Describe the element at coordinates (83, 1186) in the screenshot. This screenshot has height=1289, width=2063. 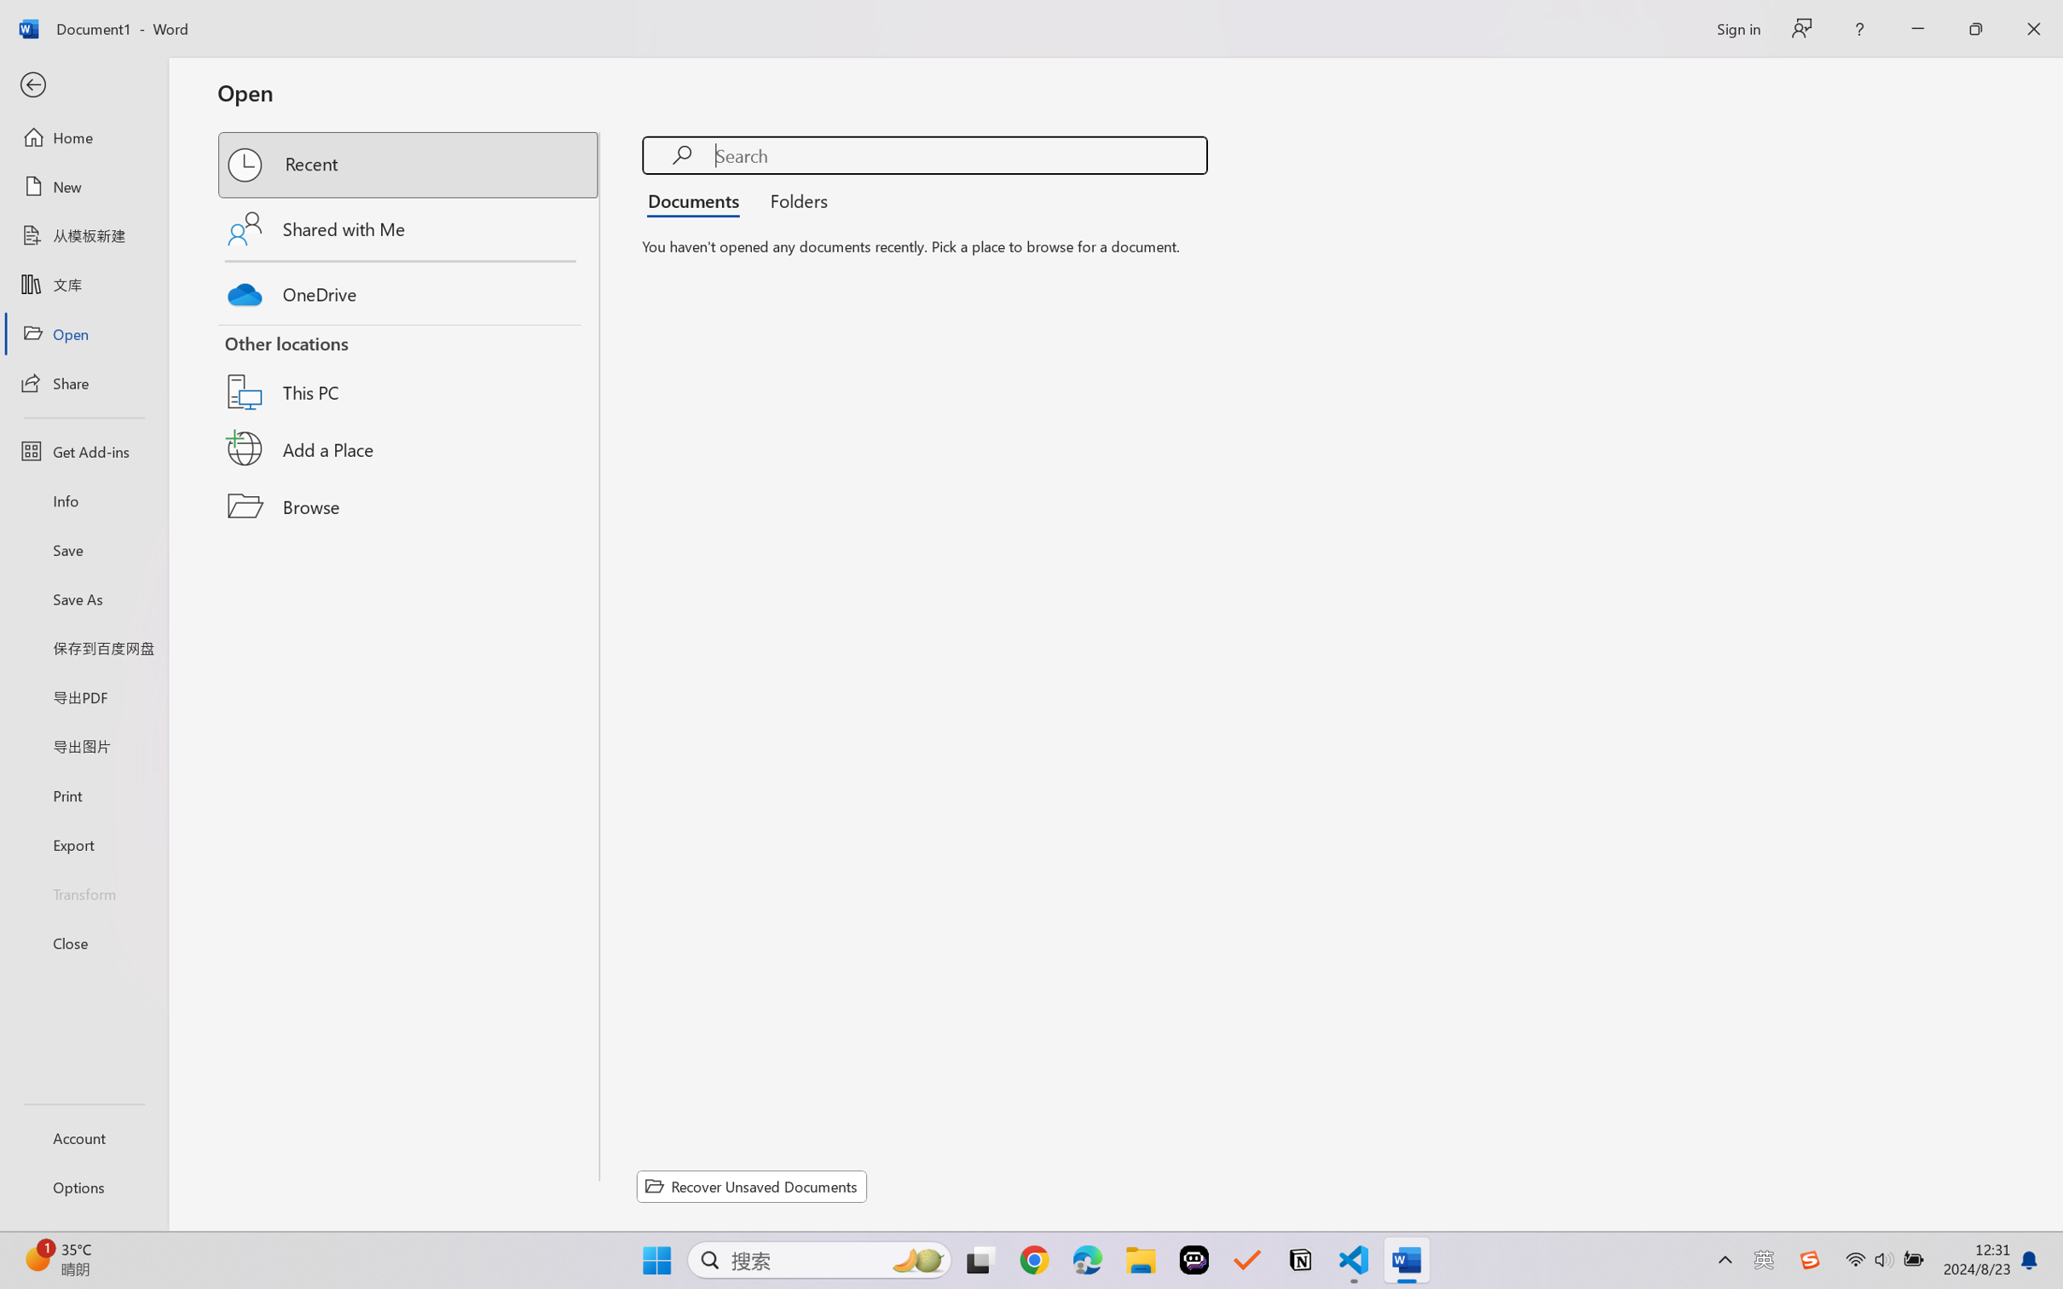
I see `'Options'` at that location.